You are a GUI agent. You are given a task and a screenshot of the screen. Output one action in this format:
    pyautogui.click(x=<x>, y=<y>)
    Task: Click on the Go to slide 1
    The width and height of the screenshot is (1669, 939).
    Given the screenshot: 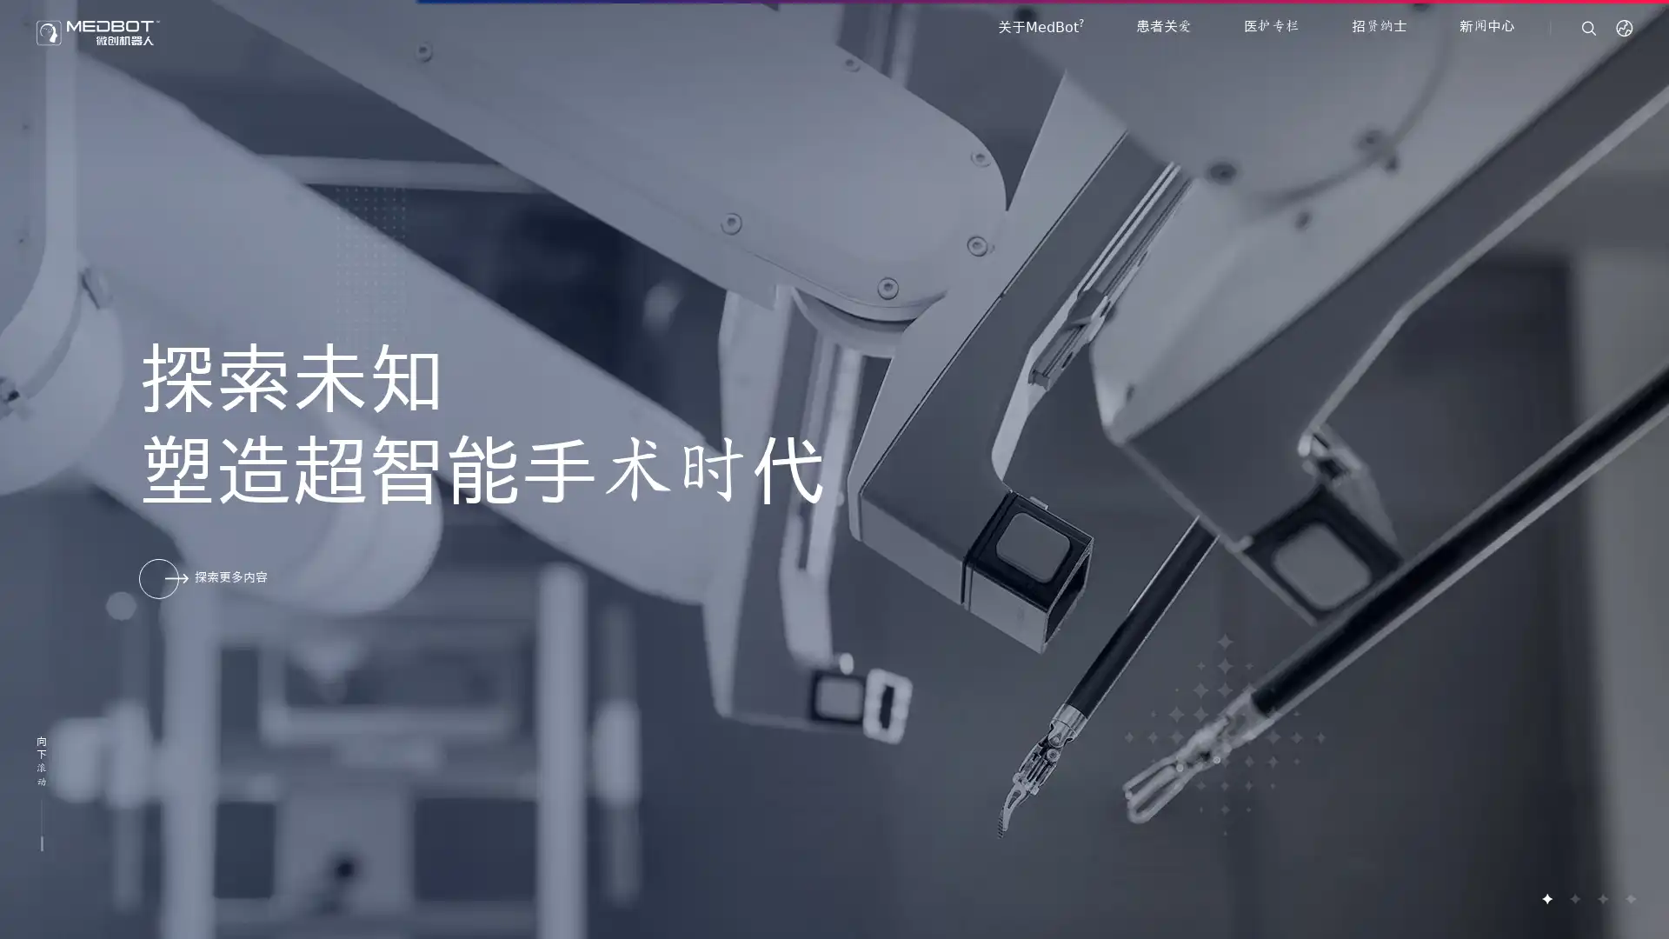 What is the action you would take?
    pyautogui.click(x=1546, y=898)
    